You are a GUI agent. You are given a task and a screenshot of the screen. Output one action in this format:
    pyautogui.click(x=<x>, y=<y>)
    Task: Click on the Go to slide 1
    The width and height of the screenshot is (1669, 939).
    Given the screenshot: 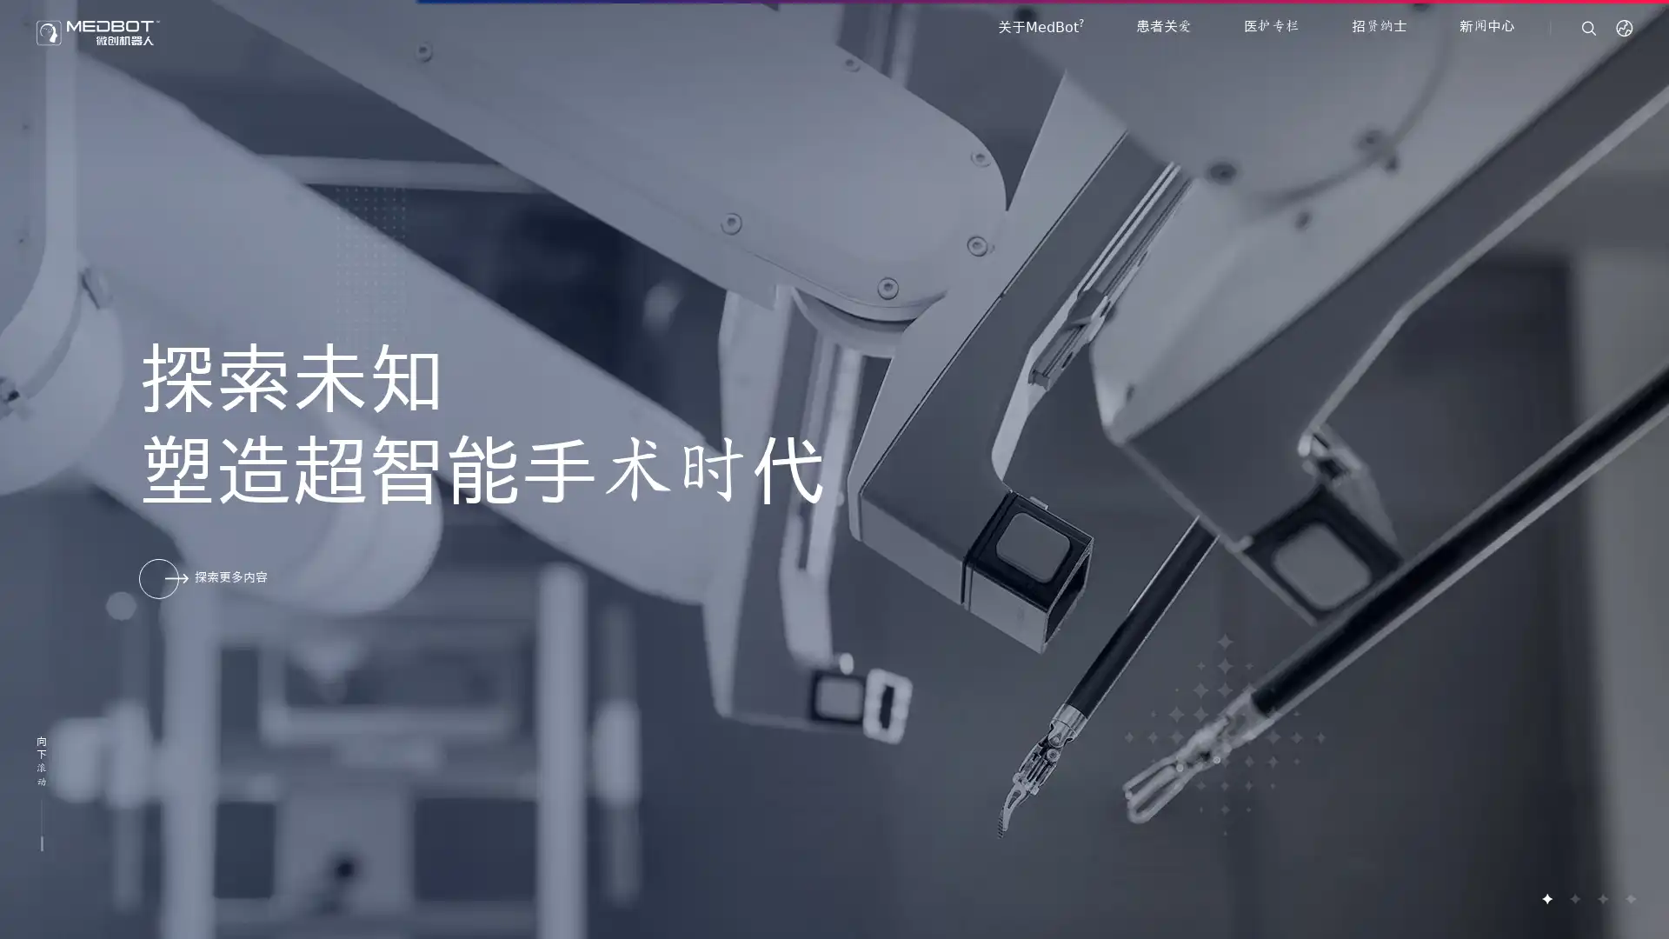 What is the action you would take?
    pyautogui.click(x=1546, y=898)
    